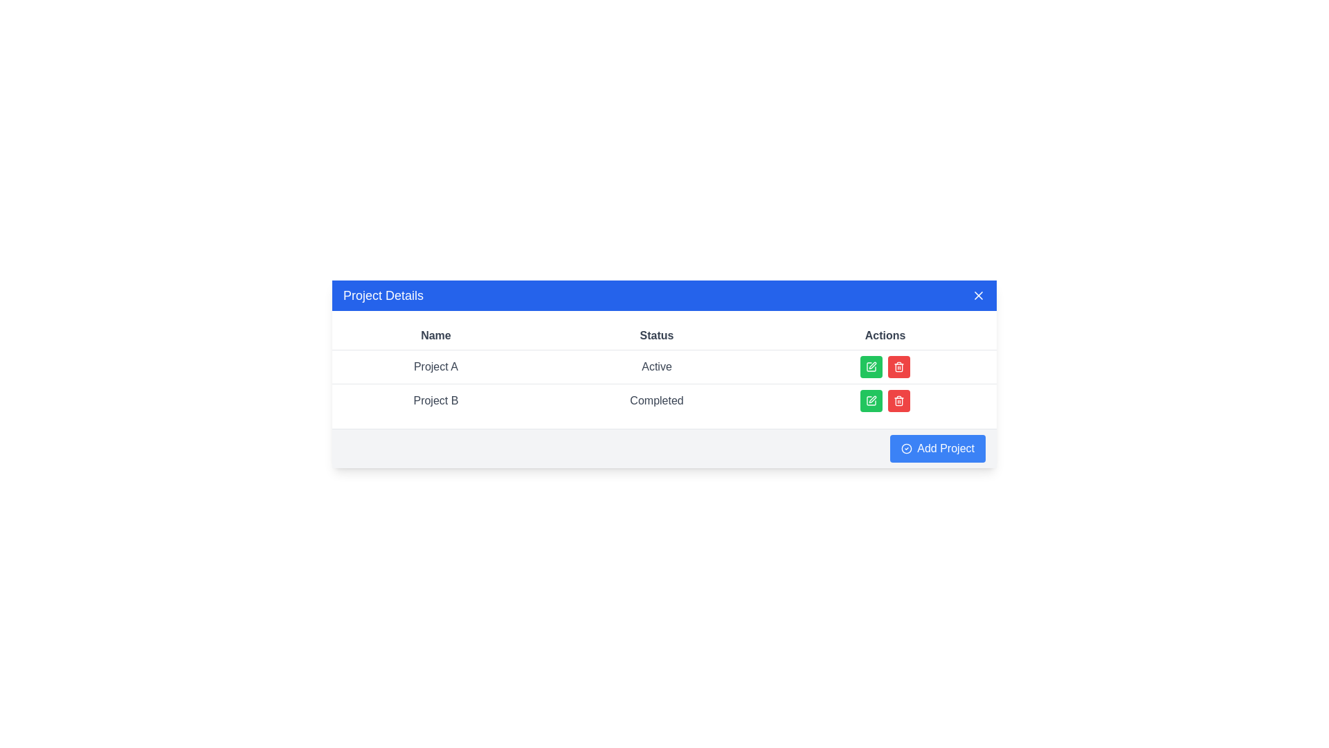  What do you see at coordinates (383, 294) in the screenshot?
I see `the Text label that serves as a title or label for the section related to project details, located in the top bar of the interface, aligned towards the left` at bounding box center [383, 294].